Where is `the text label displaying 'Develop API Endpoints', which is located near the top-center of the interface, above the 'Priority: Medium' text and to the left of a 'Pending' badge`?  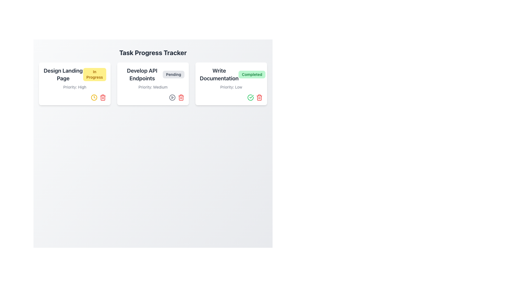
the text label displaying 'Develop API Endpoints', which is located near the top-center of the interface, above the 'Priority: Medium' text and to the left of a 'Pending' badge is located at coordinates (142, 75).